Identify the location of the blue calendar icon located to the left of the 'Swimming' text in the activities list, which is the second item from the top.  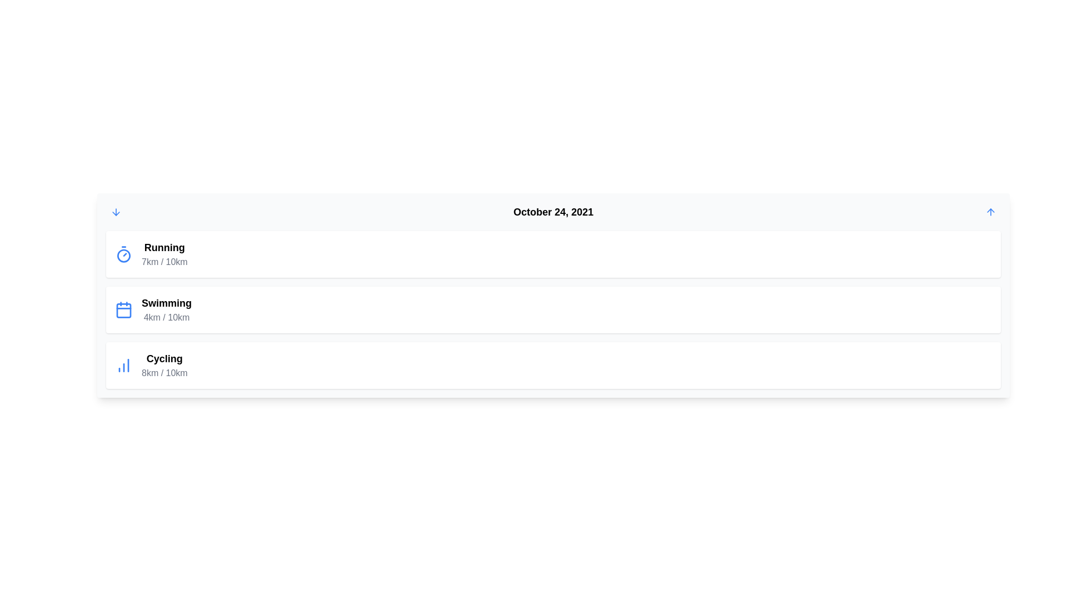
(123, 310).